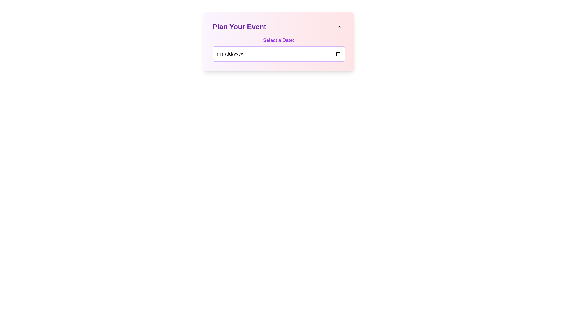 This screenshot has width=567, height=319. What do you see at coordinates (239, 27) in the screenshot?
I see `the bold title text 'Plan Your Event' which is displayed in a large, purple font and serves as the main heading for the surrounding content` at bounding box center [239, 27].